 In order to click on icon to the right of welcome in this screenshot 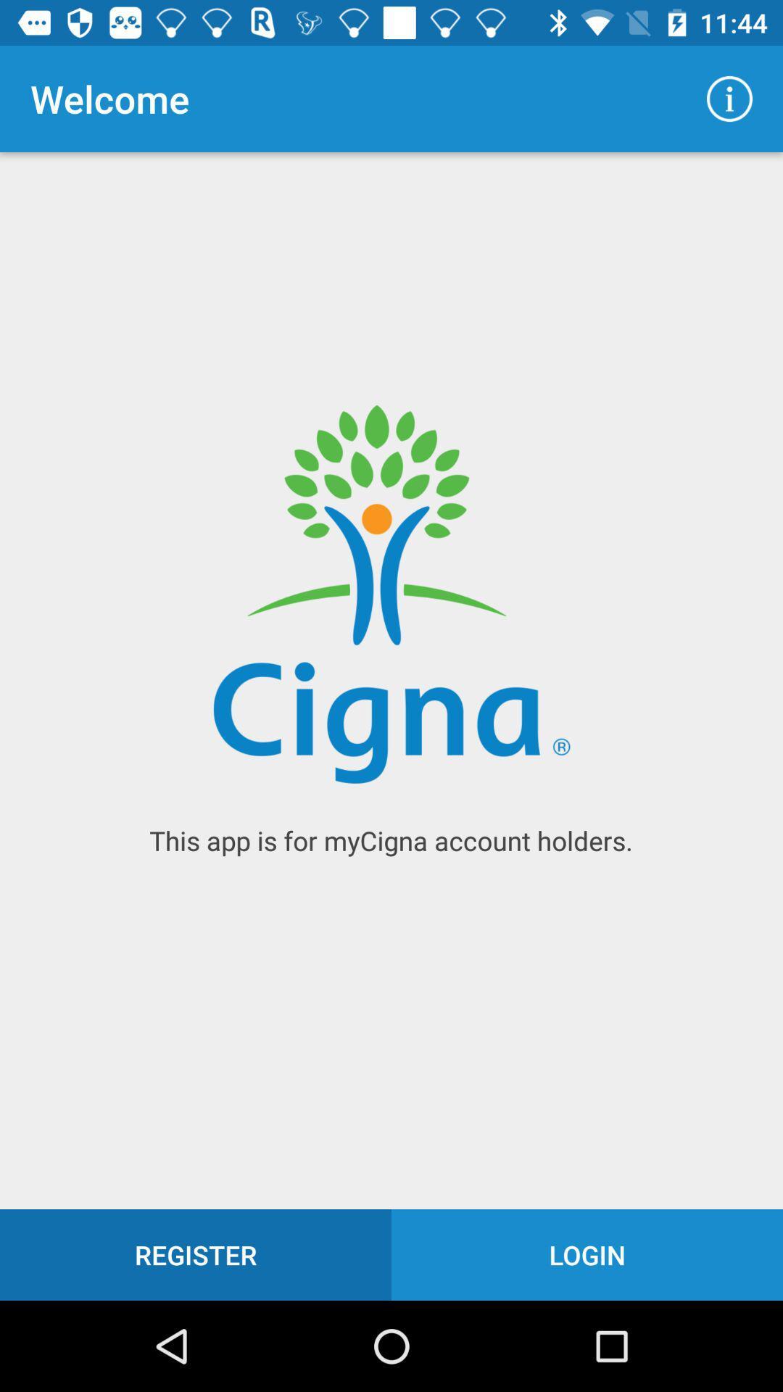, I will do `click(729, 98)`.